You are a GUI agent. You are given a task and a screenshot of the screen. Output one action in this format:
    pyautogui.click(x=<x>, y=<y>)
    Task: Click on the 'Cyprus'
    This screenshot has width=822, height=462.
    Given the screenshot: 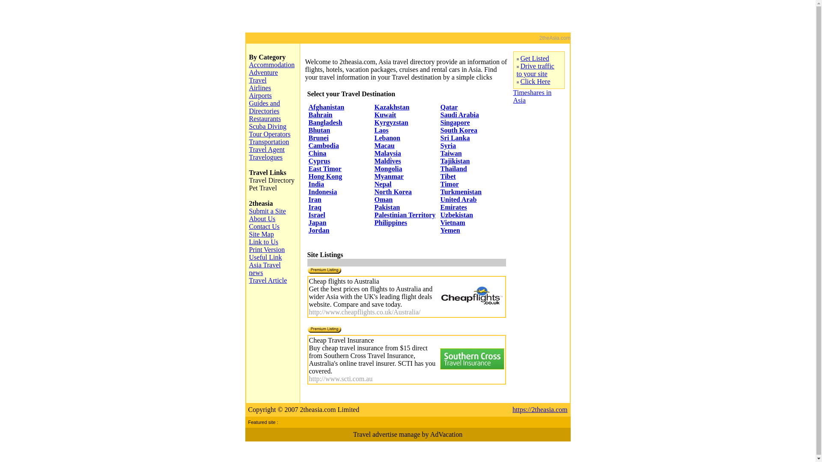 What is the action you would take?
    pyautogui.click(x=308, y=161)
    